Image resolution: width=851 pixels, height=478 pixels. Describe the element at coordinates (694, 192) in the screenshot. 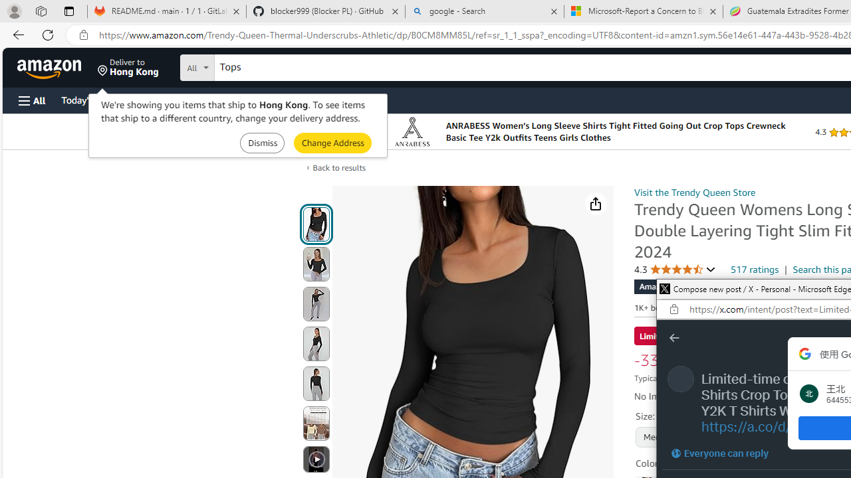

I see `'Visit the Trendy Queen Store'` at that location.